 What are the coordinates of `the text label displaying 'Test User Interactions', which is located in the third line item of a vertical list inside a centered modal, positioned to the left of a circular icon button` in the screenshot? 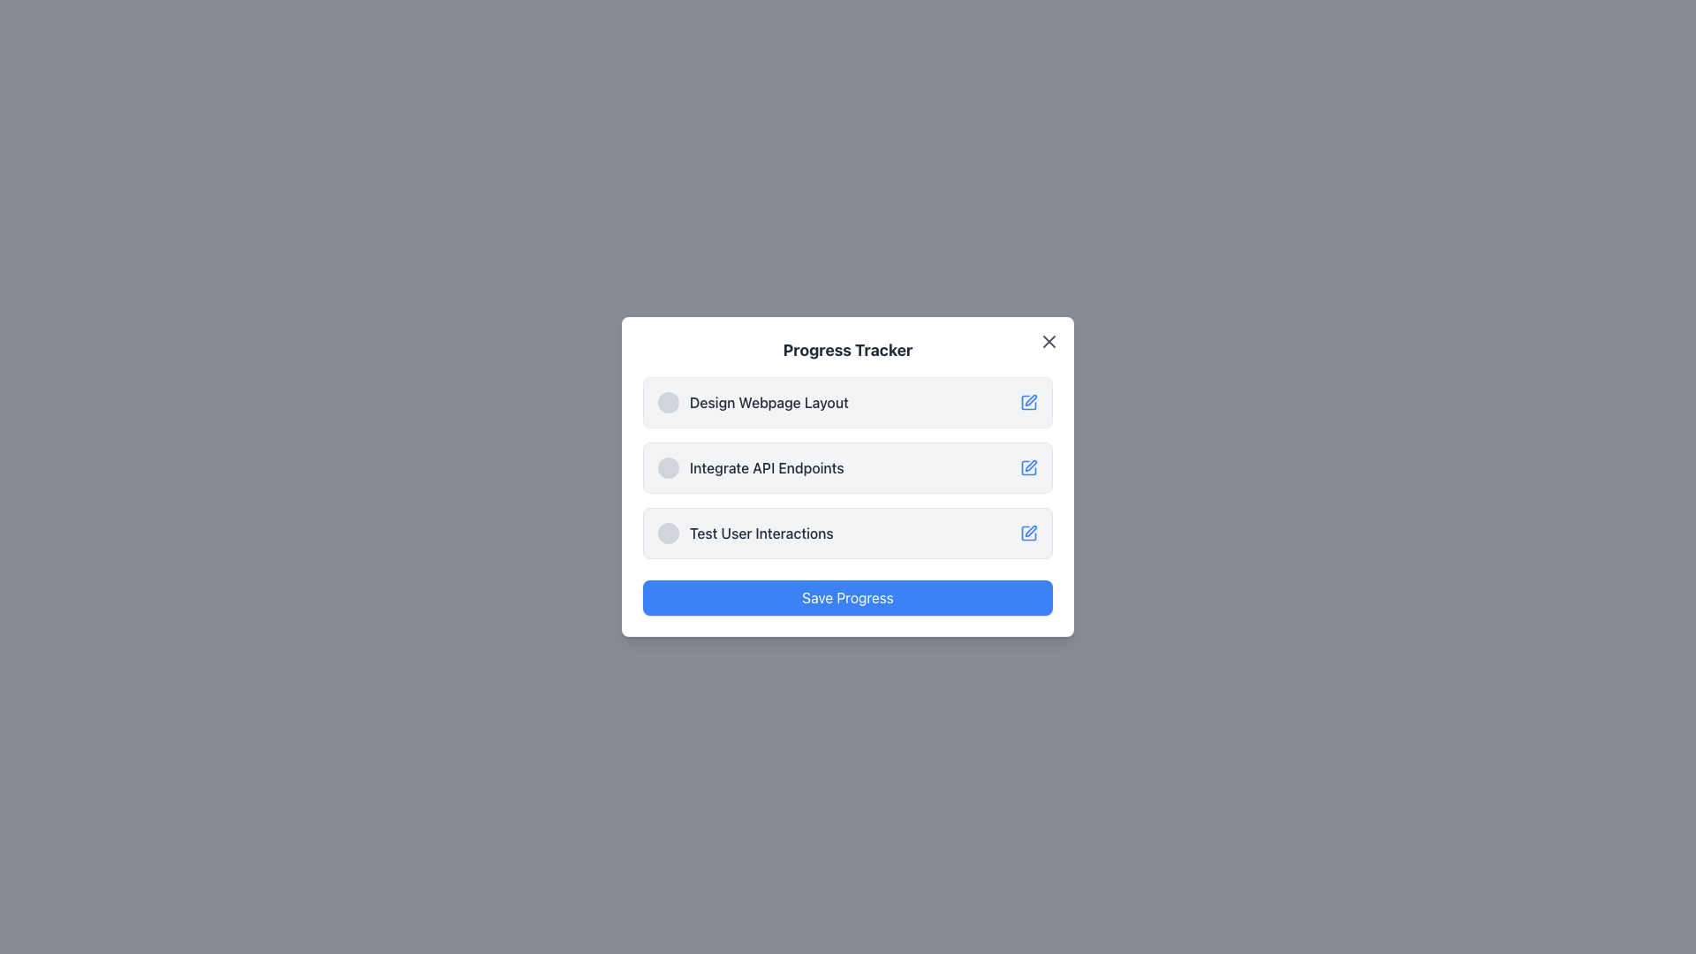 It's located at (761, 533).